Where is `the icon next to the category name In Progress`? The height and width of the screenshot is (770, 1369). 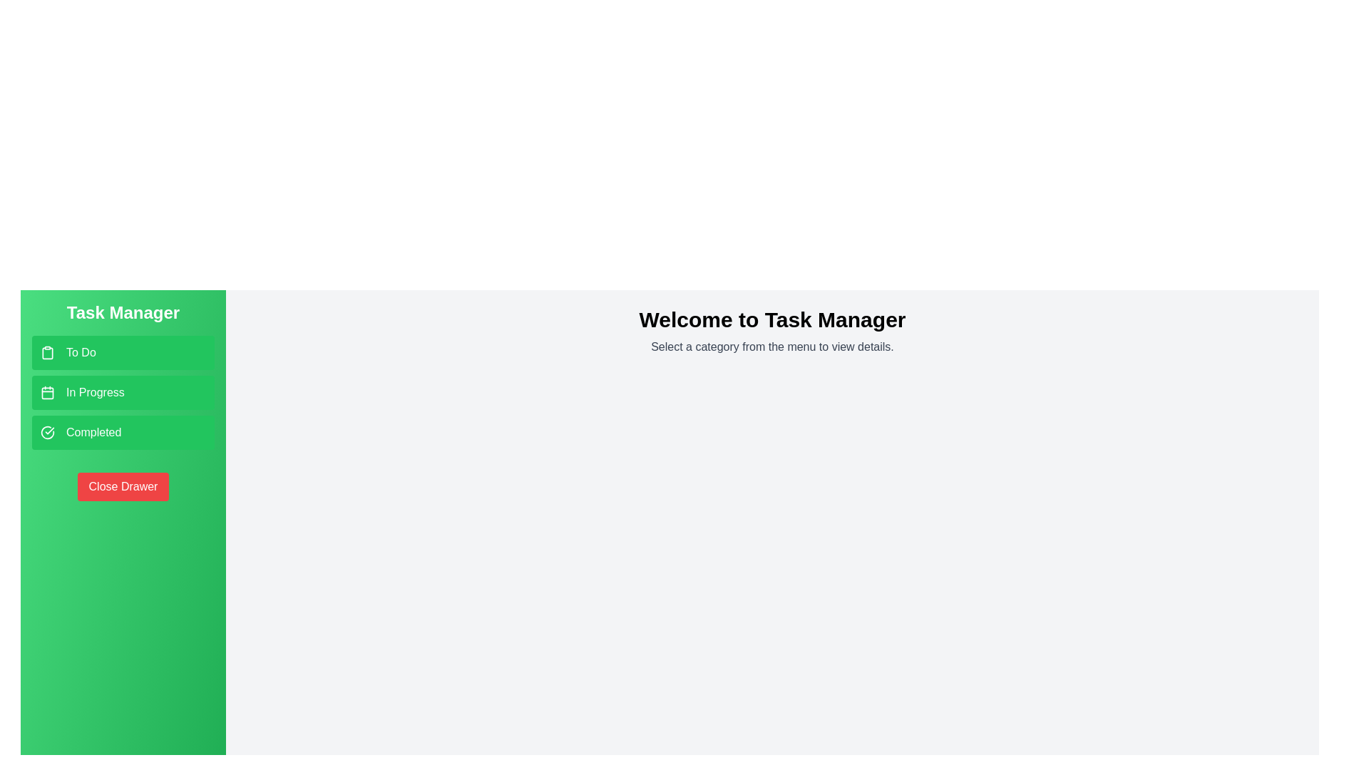 the icon next to the category name In Progress is located at coordinates (48, 393).